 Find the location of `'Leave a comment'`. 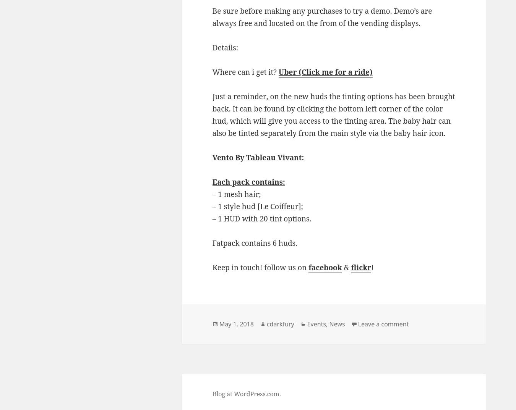

'Leave a comment' is located at coordinates (357, 324).